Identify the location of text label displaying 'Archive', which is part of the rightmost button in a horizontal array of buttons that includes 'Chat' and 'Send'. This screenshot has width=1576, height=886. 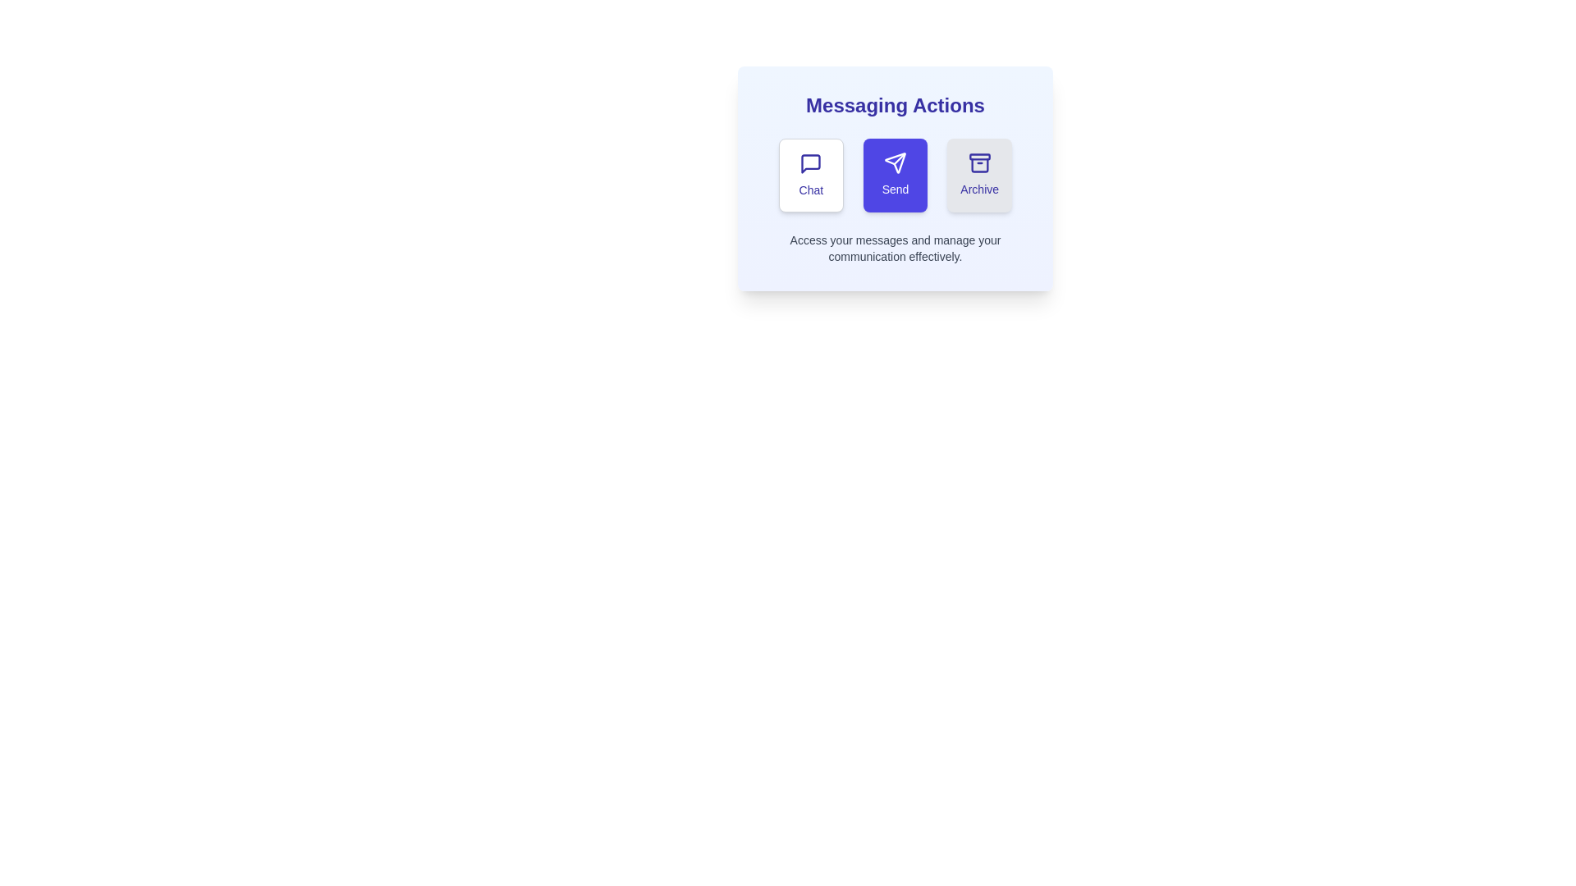
(979, 189).